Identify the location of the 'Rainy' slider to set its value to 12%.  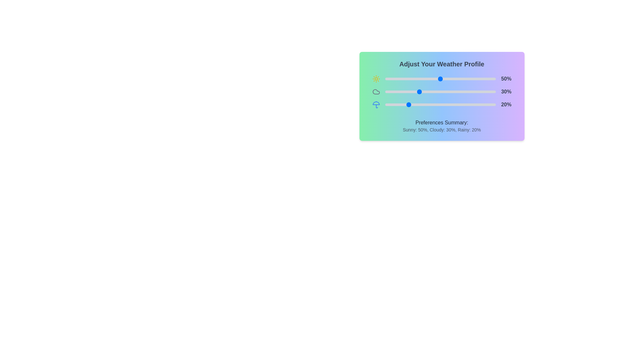
(398, 104).